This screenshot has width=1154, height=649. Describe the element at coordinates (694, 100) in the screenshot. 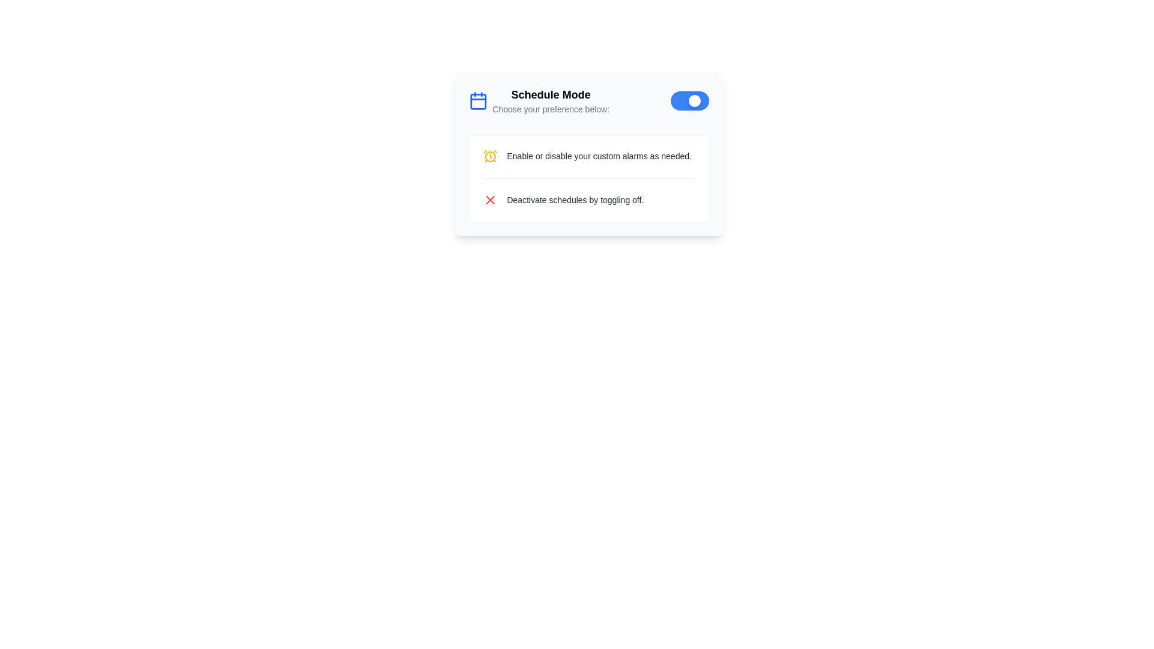

I see `the toggle switch handle located in the top-right of the interface within the card labeled 'Schedule Mode'` at that location.